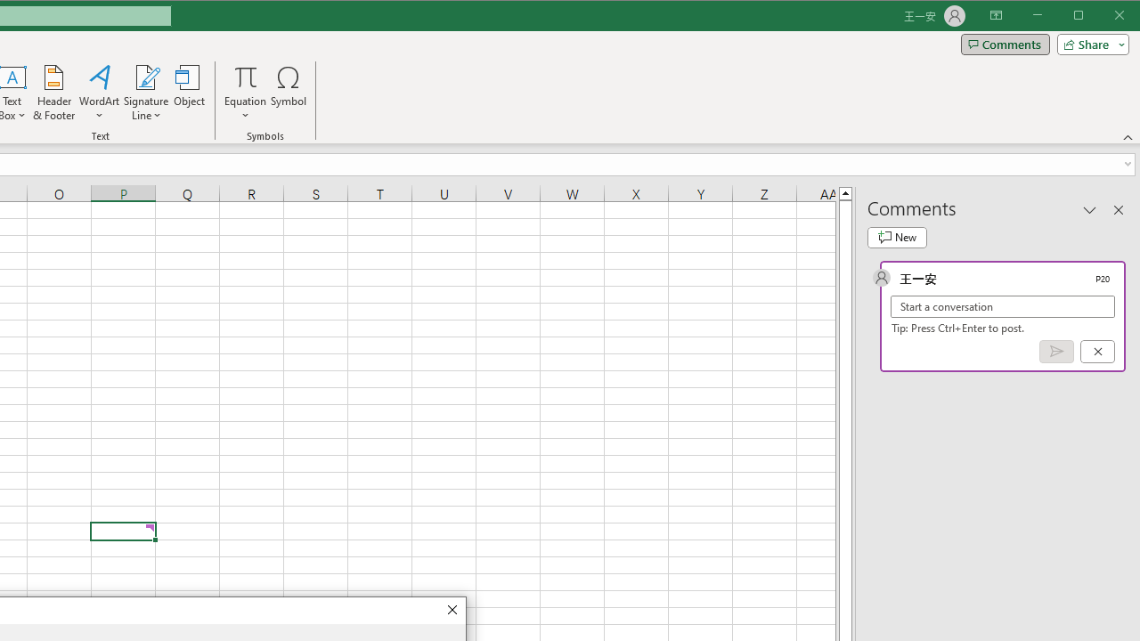 Image resolution: width=1140 pixels, height=641 pixels. I want to click on 'Maximize', so click(1103, 17).